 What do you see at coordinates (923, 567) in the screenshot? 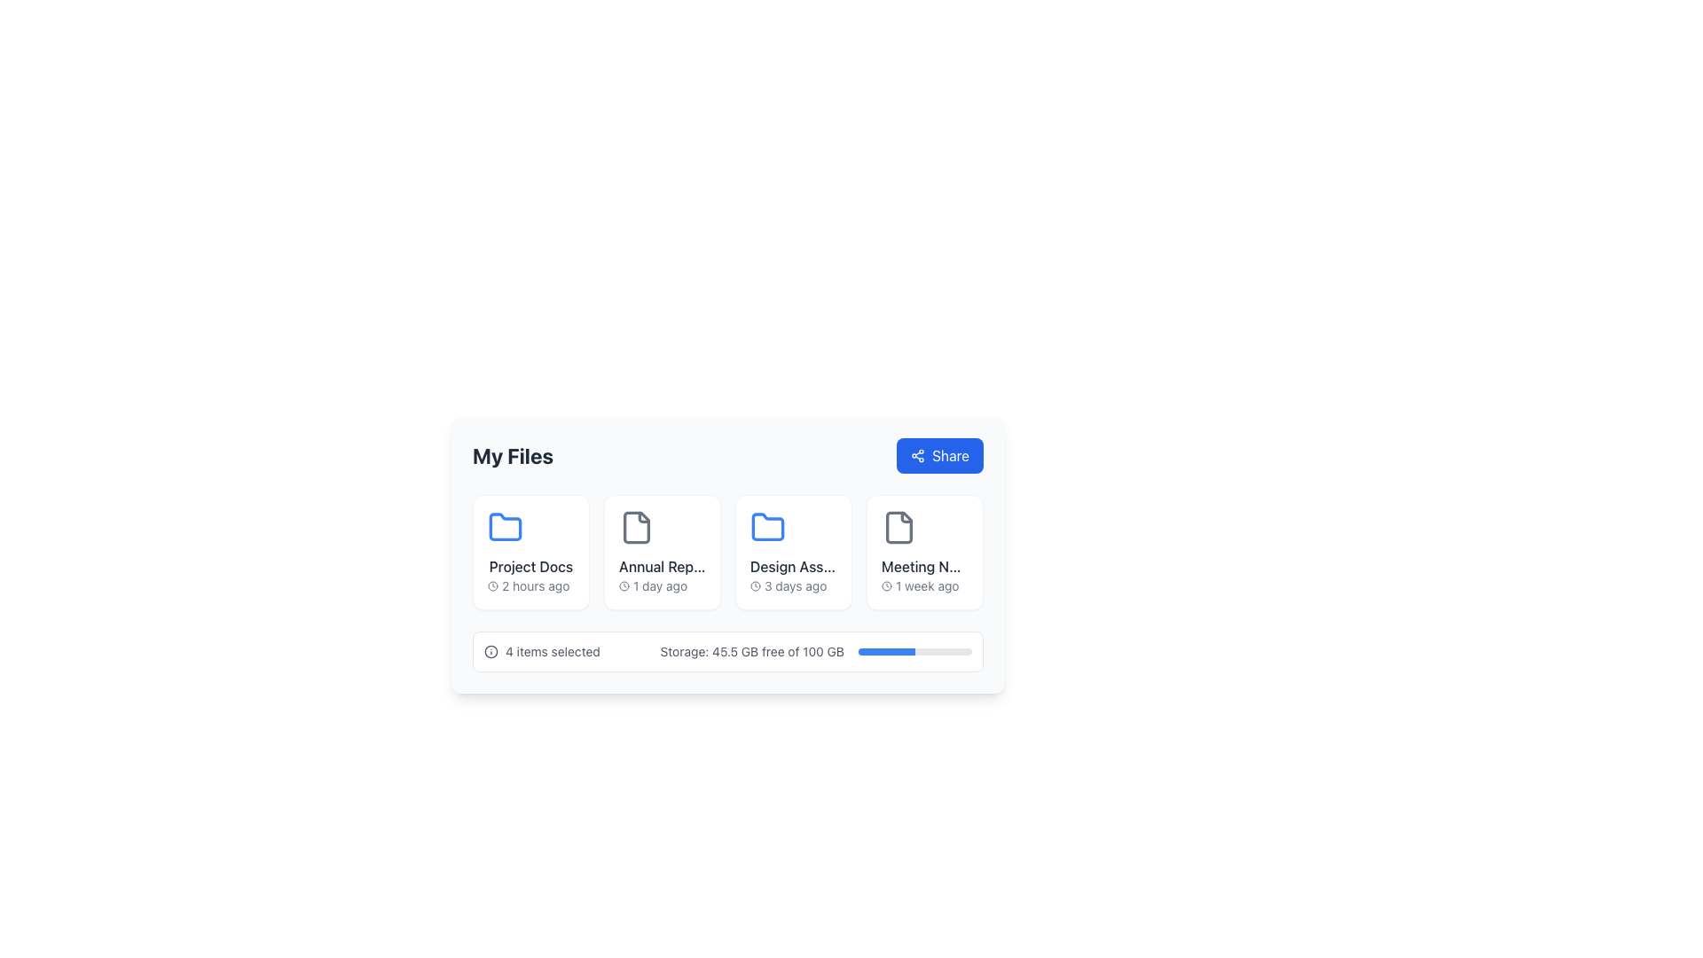
I see `the text label displaying 'Meeting Notes.docx' located at the center of the fourth card in the 'My Files' section` at bounding box center [923, 567].